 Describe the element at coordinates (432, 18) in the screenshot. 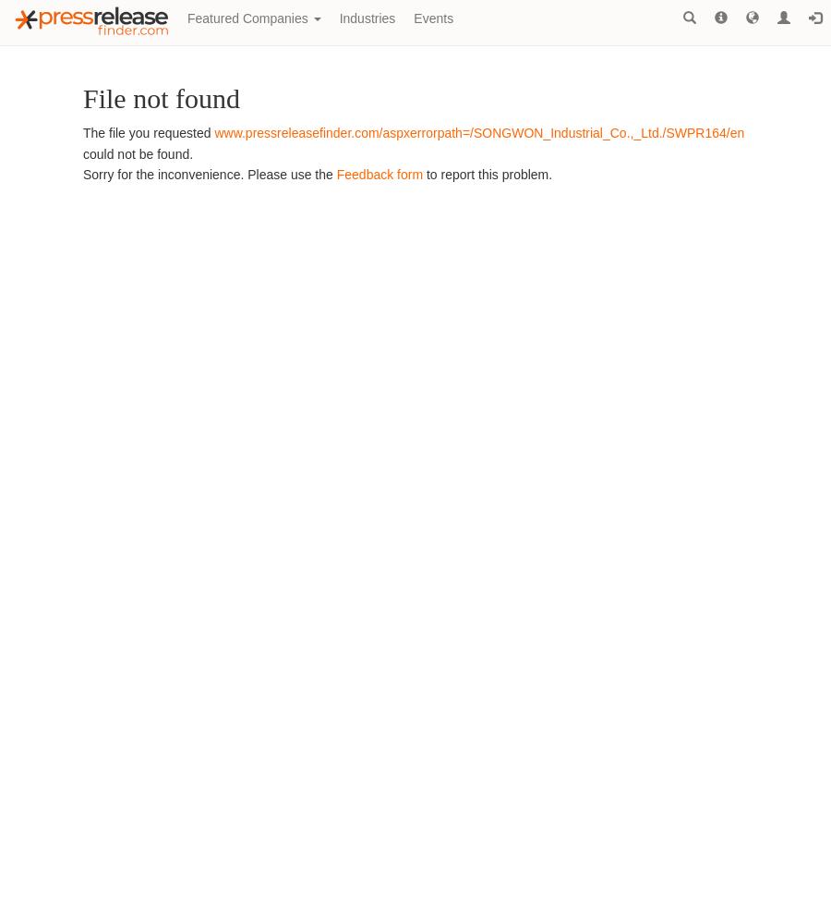

I see `'Events'` at that location.